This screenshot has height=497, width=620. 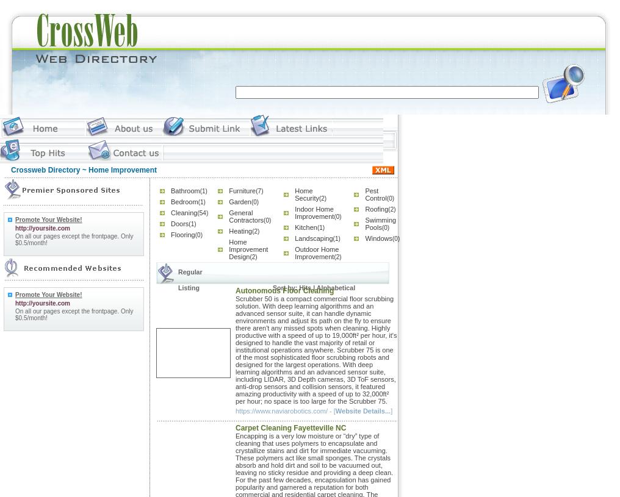 What do you see at coordinates (295, 227) in the screenshot?
I see `'Kitchen'` at bounding box center [295, 227].